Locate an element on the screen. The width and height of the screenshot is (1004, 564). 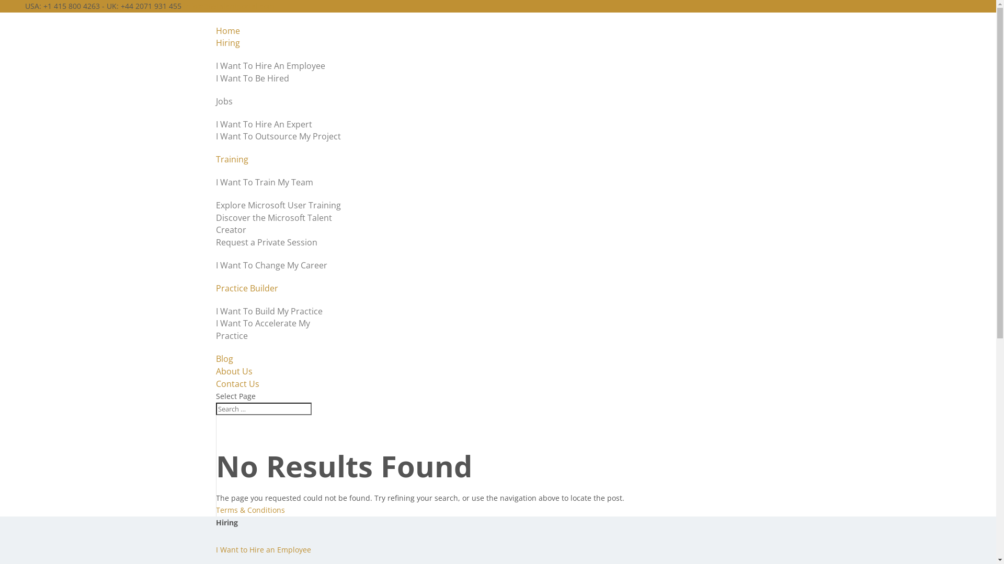
'Terms & Conditions' is located at coordinates (215, 509).